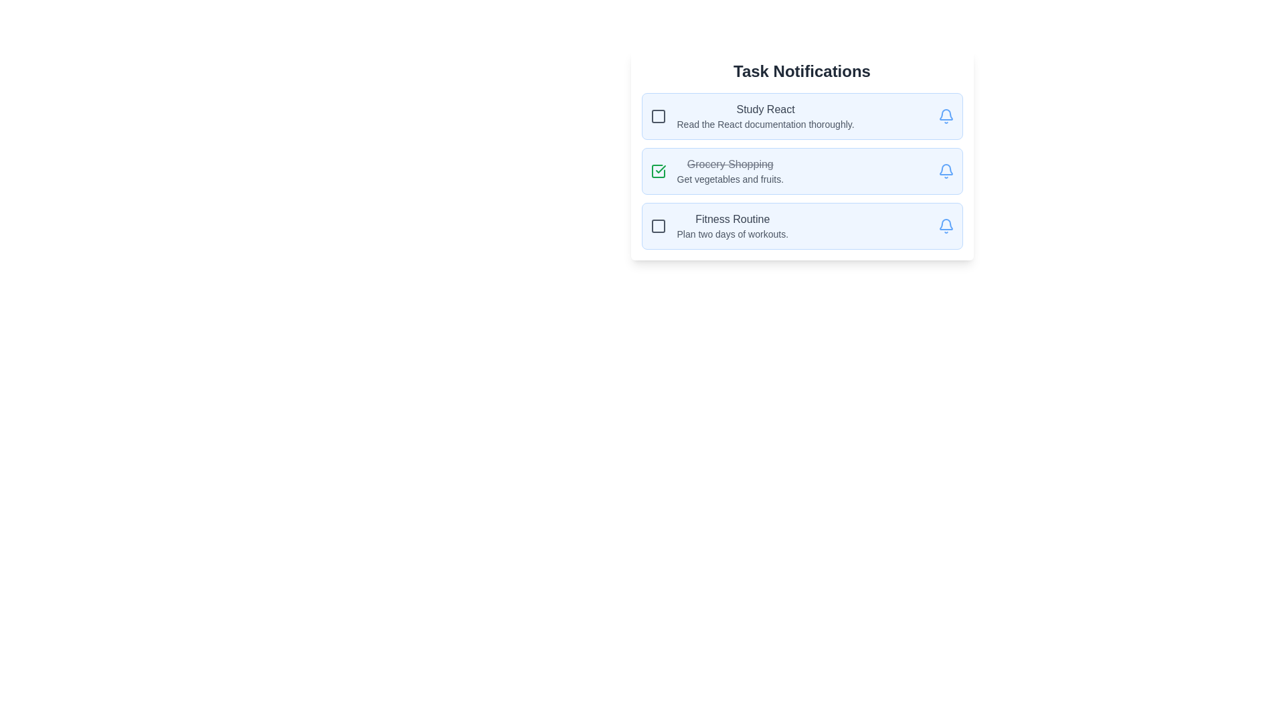  I want to click on the checkbox of the second task item in the grocery shopping list, so click(802, 154).